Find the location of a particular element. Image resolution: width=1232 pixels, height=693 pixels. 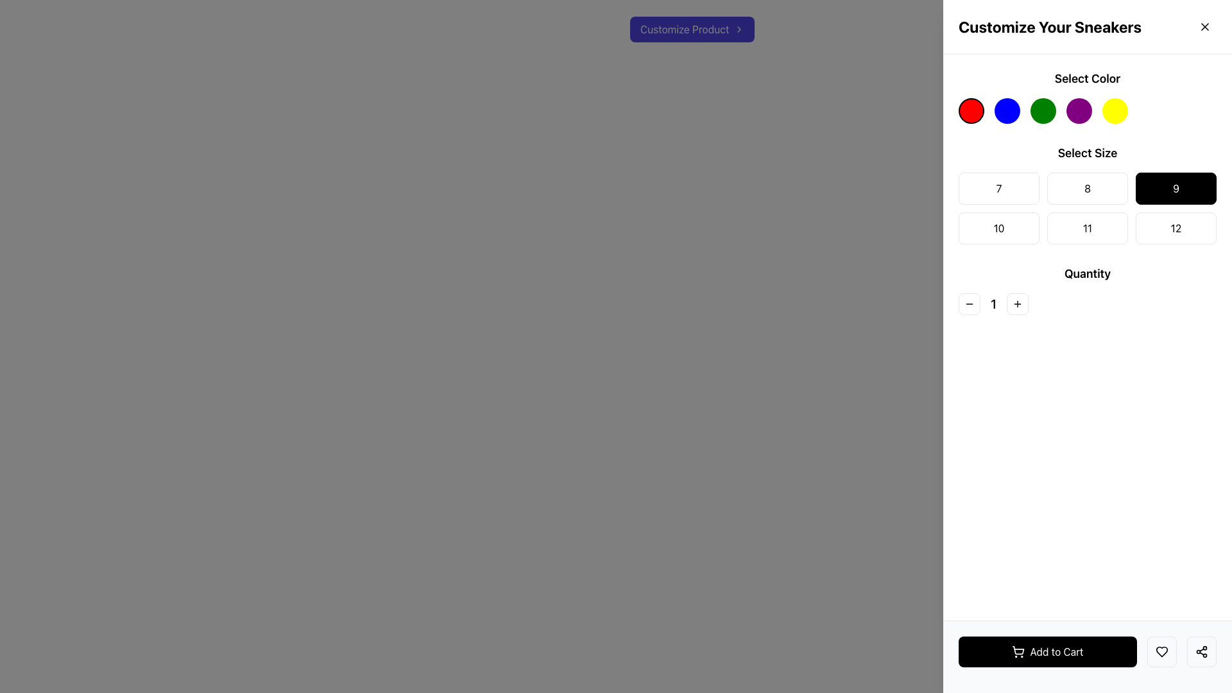

the fourth circular button with a purple fill in the color selection section is located at coordinates (1078, 110).